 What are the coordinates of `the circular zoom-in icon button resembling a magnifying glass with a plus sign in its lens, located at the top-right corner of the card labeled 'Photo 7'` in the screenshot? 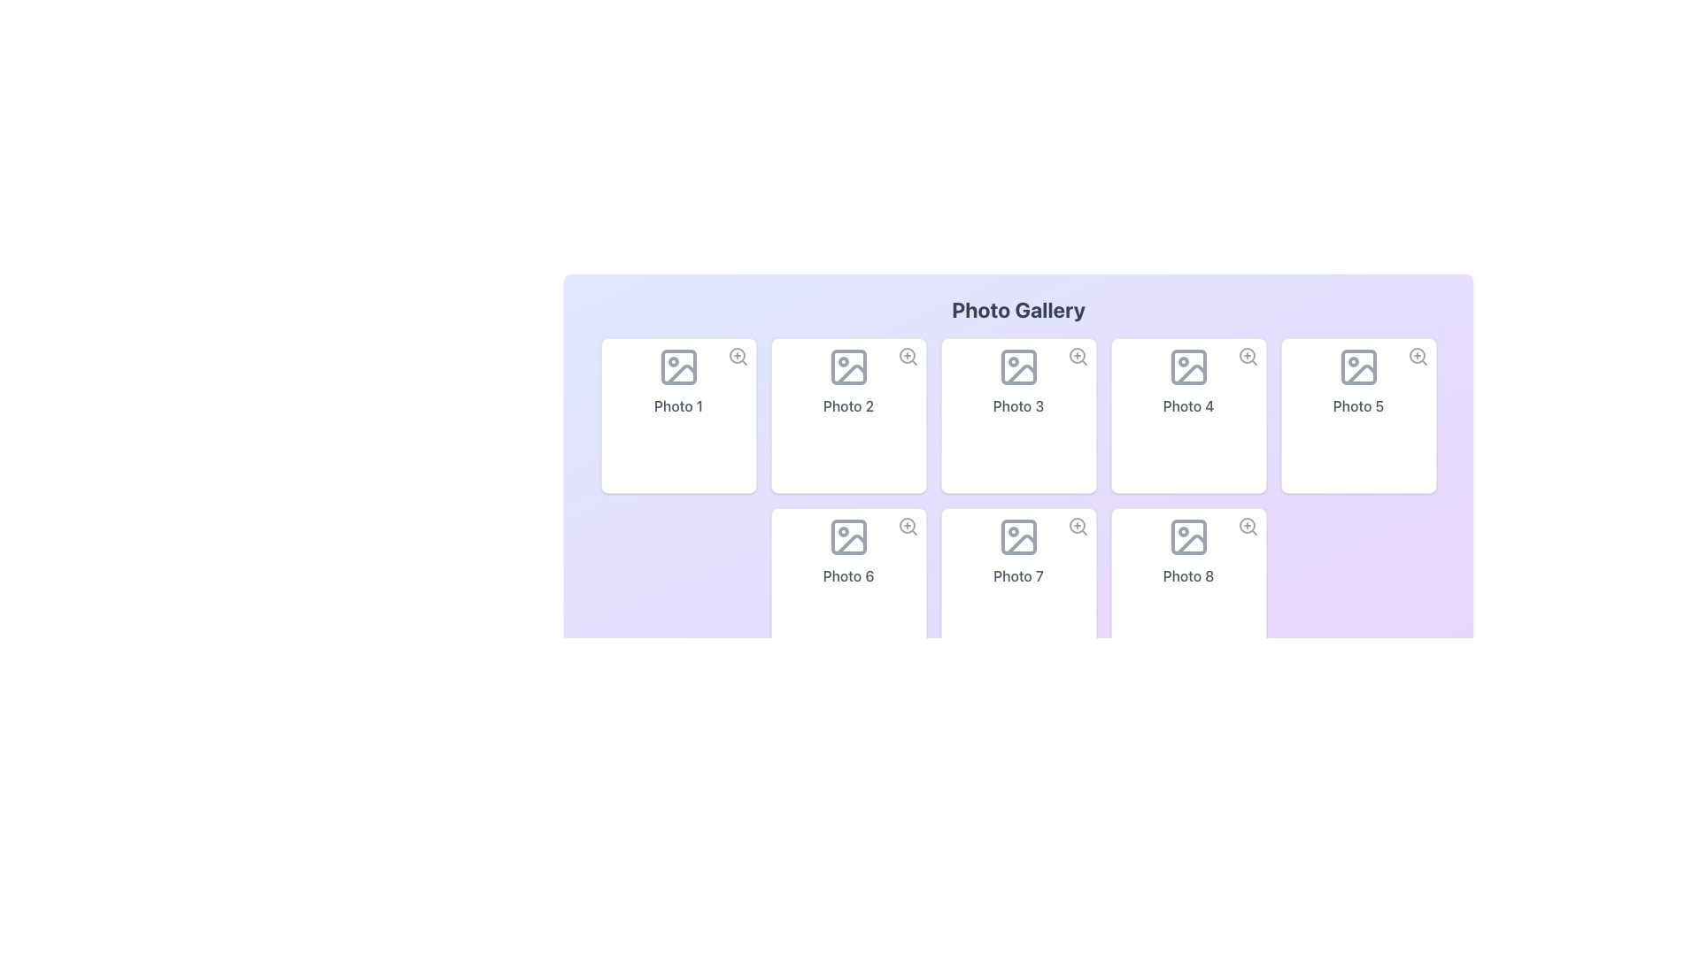 It's located at (1077, 525).